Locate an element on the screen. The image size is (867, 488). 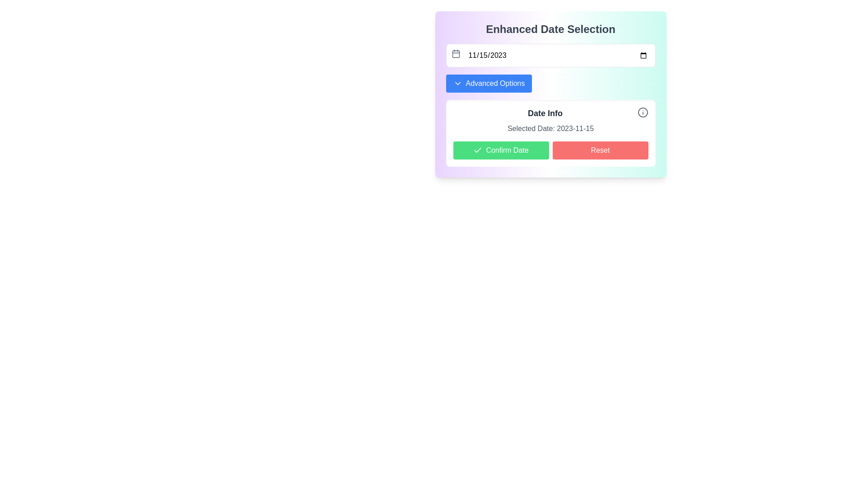
the green button labeled 'Confirm Date' that contains the small checkmark icon positioned to its left is located at coordinates (477, 150).